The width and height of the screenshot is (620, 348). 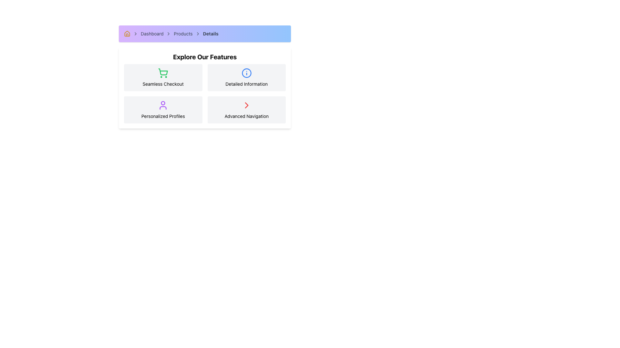 What do you see at coordinates (169, 34) in the screenshot?
I see `the third right-facing chevron icon in the breadcrumb navigation bar, positioned between 'Products' and 'Details'` at bounding box center [169, 34].